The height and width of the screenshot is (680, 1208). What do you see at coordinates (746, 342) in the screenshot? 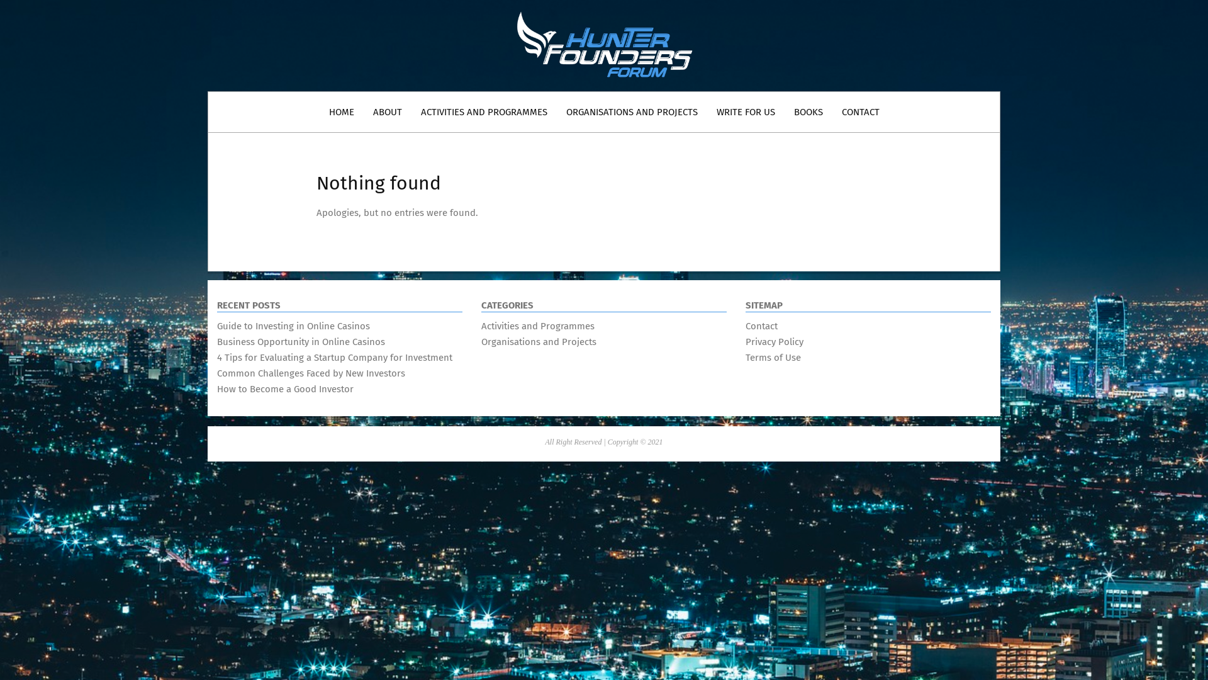
I see `'Privacy Policy'` at bounding box center [746, 342].